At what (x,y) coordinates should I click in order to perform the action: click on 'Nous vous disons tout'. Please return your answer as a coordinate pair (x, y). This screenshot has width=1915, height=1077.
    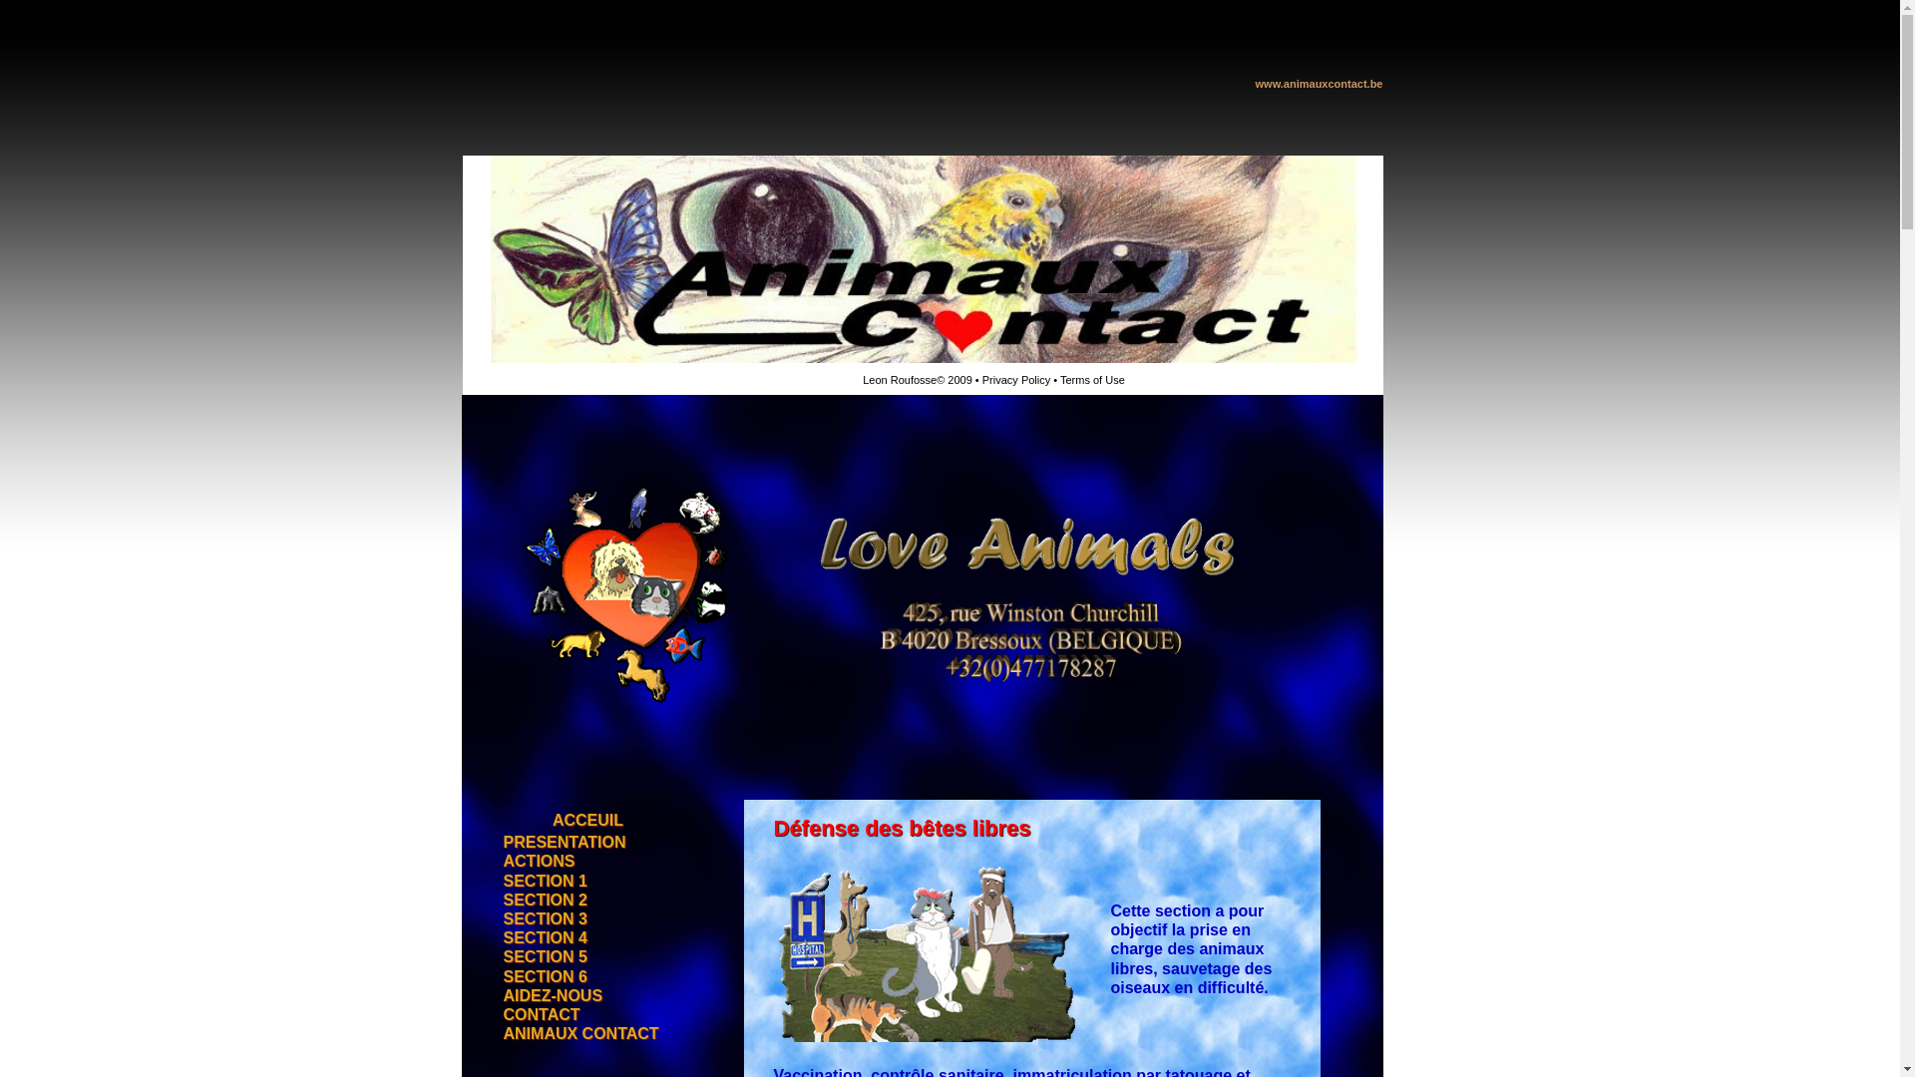
    Looking at the image, I should click on (581, 684).